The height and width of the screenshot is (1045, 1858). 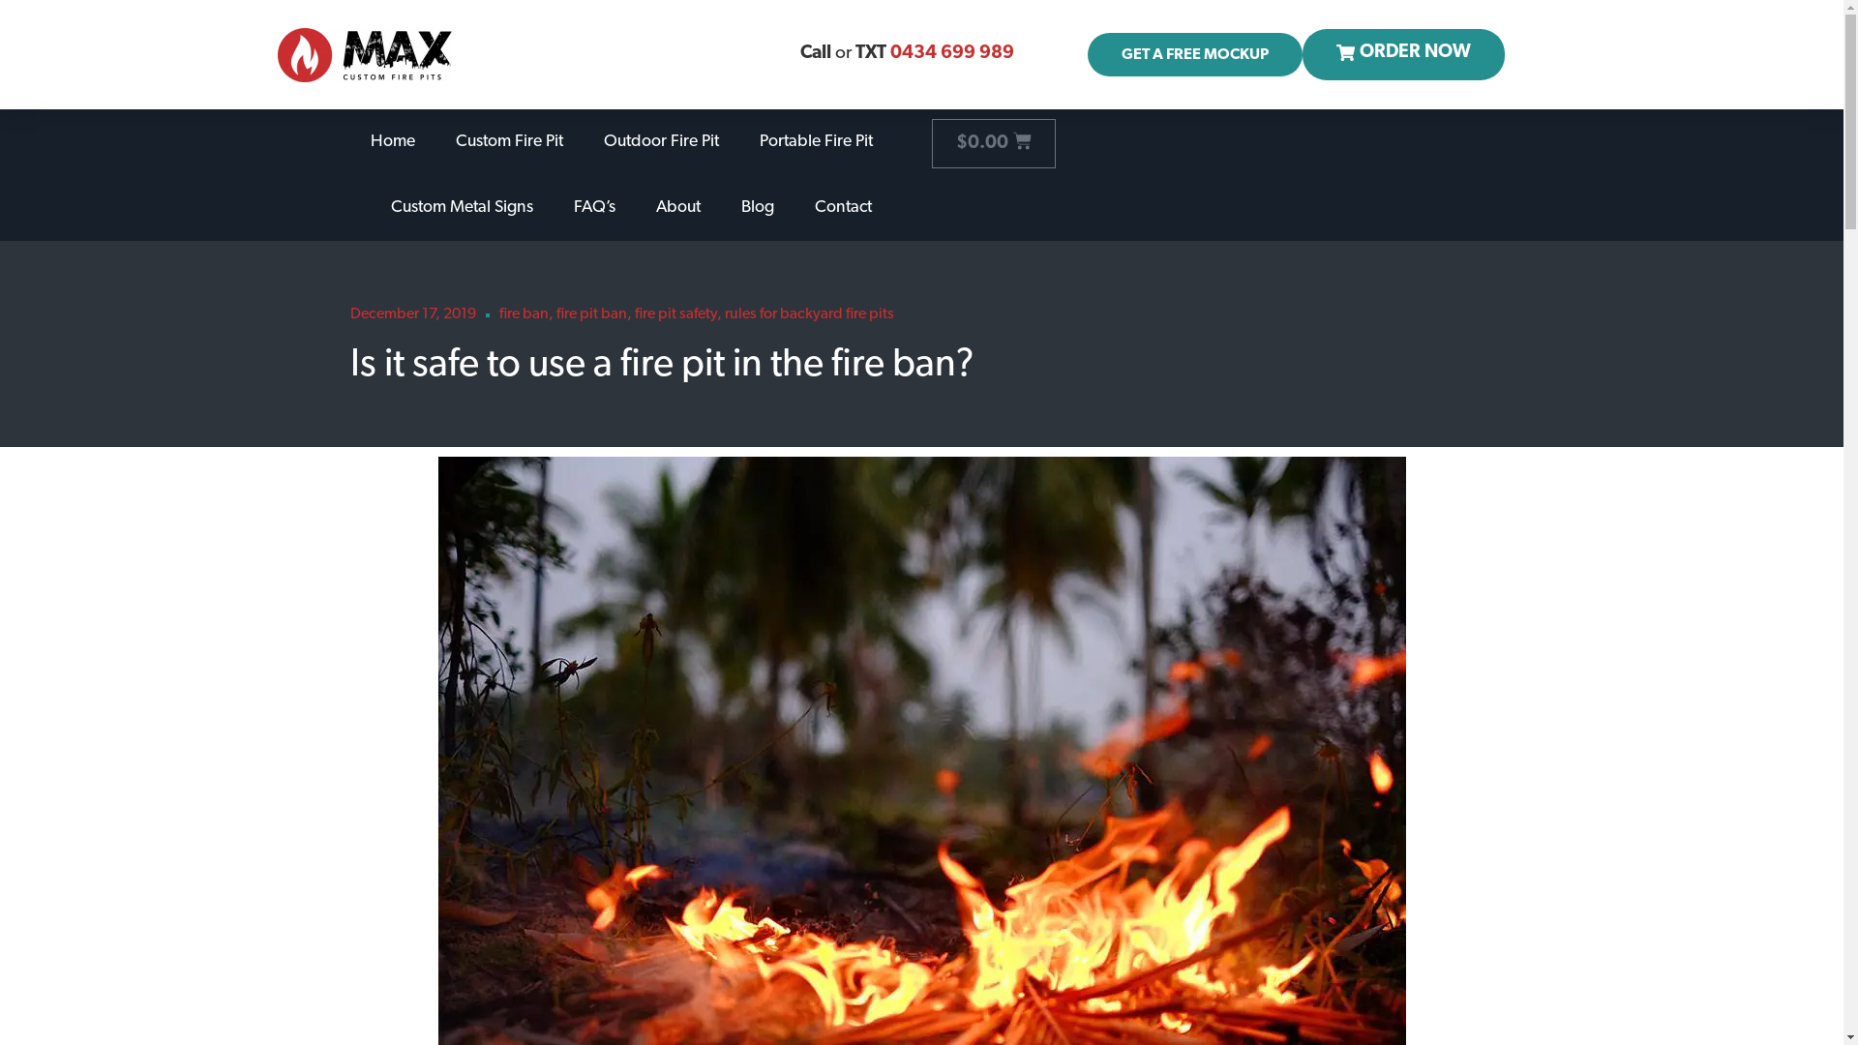 What do you see at coordinates (951, 52) in the screenshot?
I see `'0434 699 989'` at bounding box center [951, 52].